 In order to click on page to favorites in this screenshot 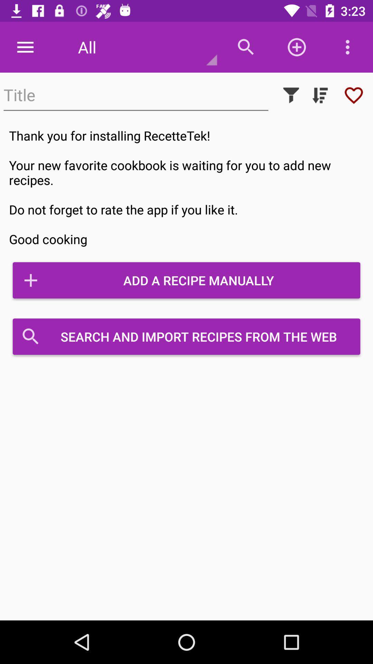, I will do `click(354, 95)`.